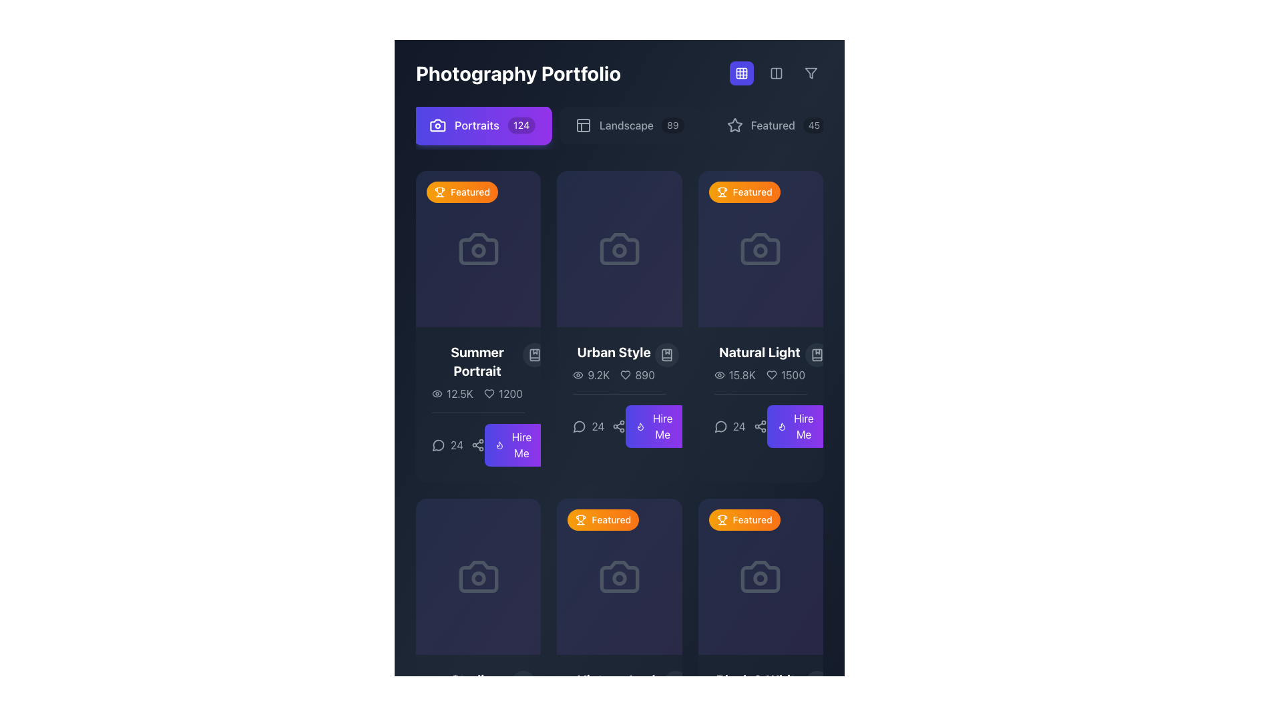 This screenshot has height=721, width=1282. Describe the element at coordinates (721, 519) in the screenshot. I see `the small trophy icon with a thin outline, which is located on the left side of the 'Featured' text within a rectangle with a gradient orange background` at that location.